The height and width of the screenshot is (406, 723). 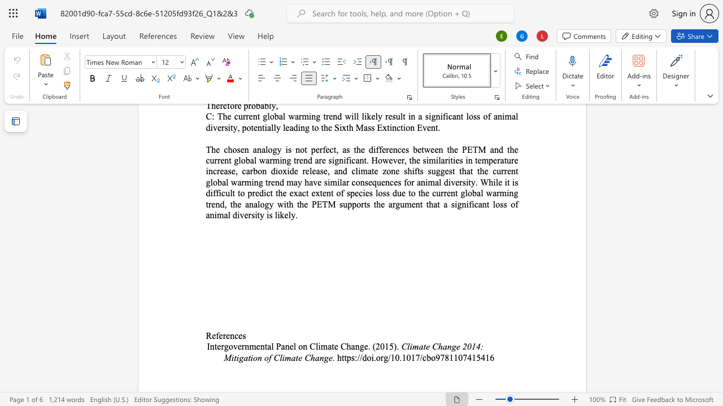 What do you see at coordinates (239, 335) in the screenshot?
I see `the 4th character "e" in the text` at bounding box center [239, 335].